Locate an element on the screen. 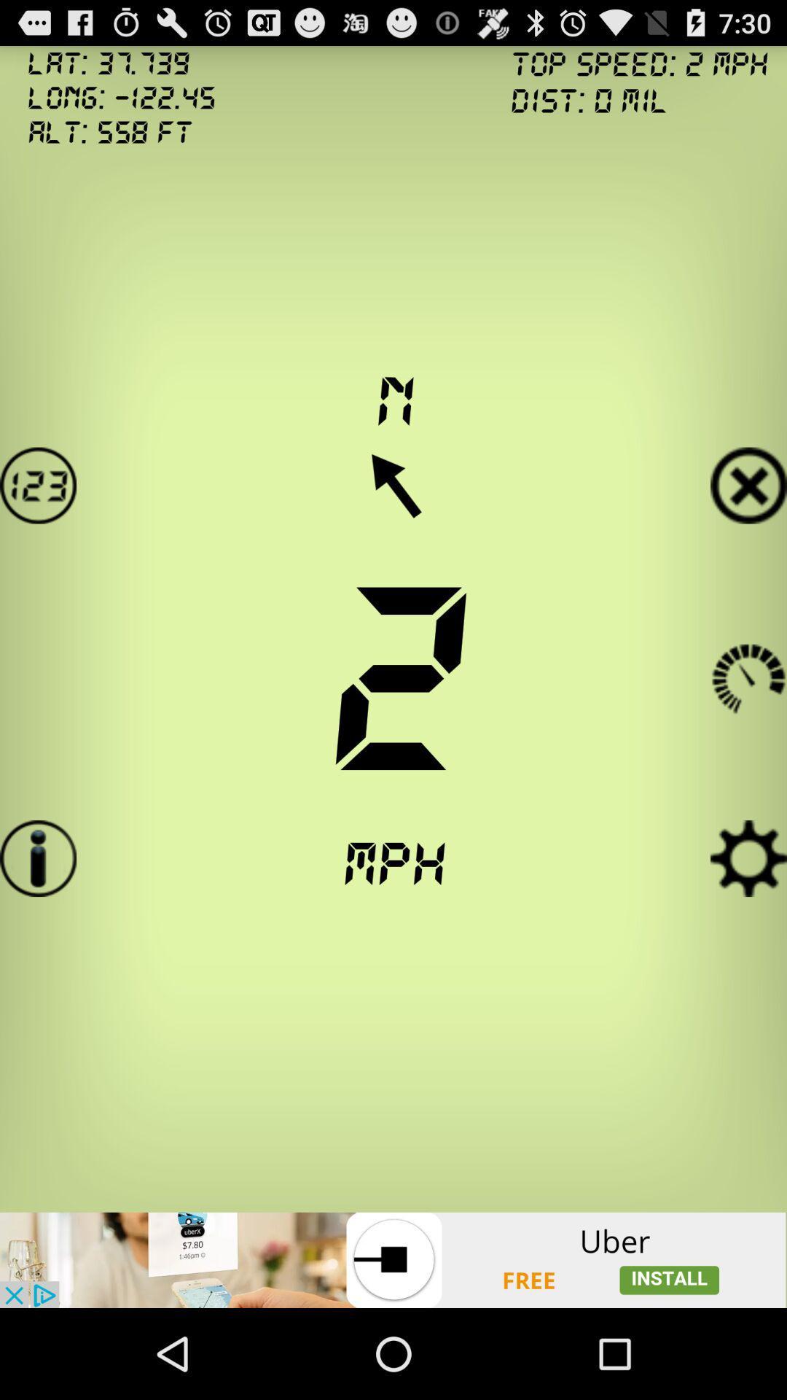 The image size is (787, 1400). app is located at coordinates (748, 486).